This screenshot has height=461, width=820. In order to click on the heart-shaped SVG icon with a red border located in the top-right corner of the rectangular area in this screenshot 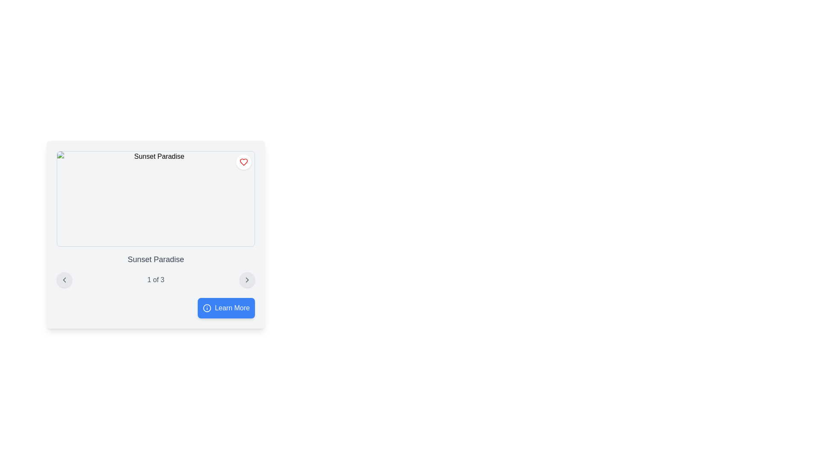, I will do `click(243, 162)`.